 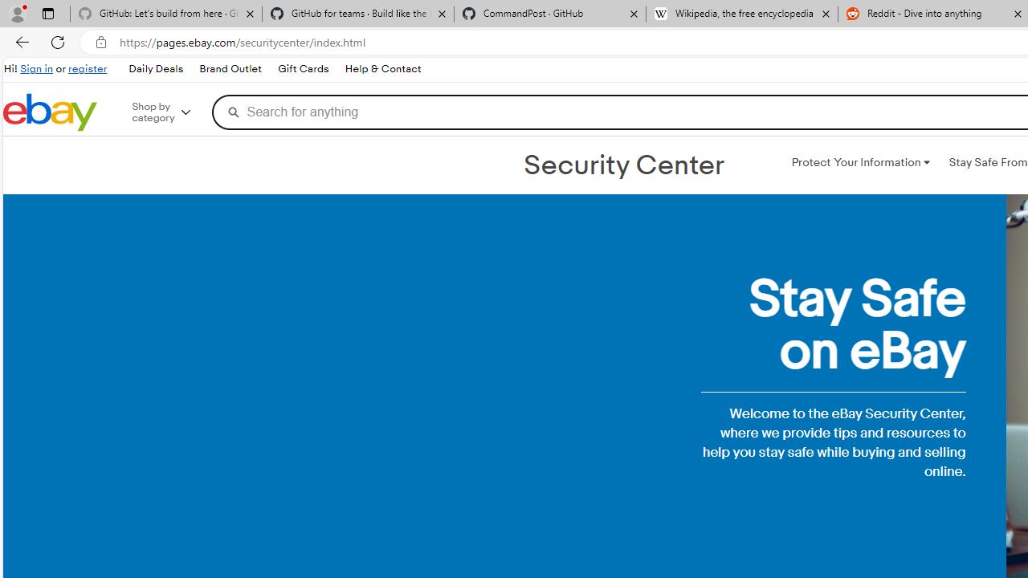 I want to click on 'Wikipedia, the free encyclopedia', so click(x=741, y=14).